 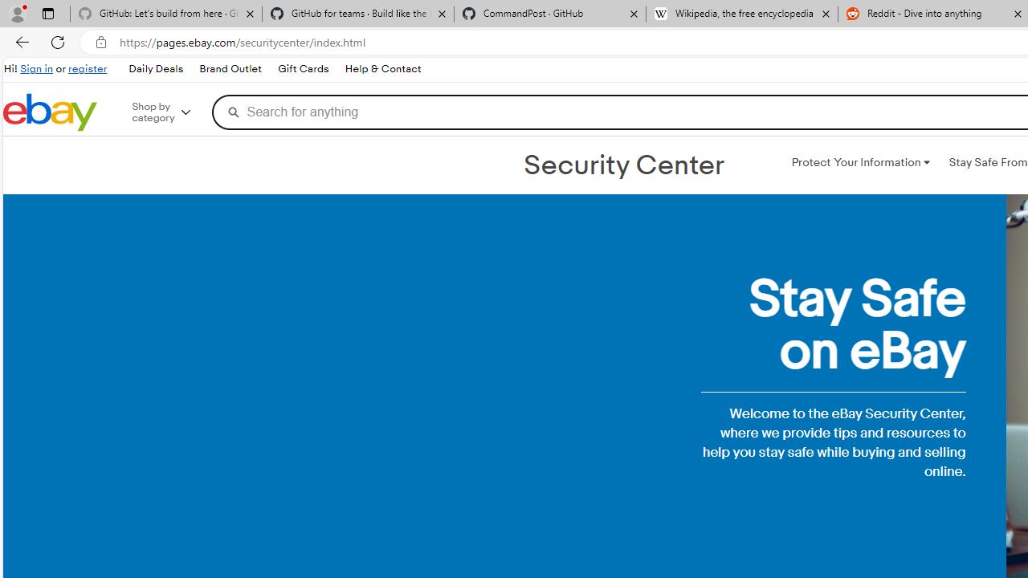 I want to click on 'Wikipedia, the free encyclopedia', so click(x=741, y=14).